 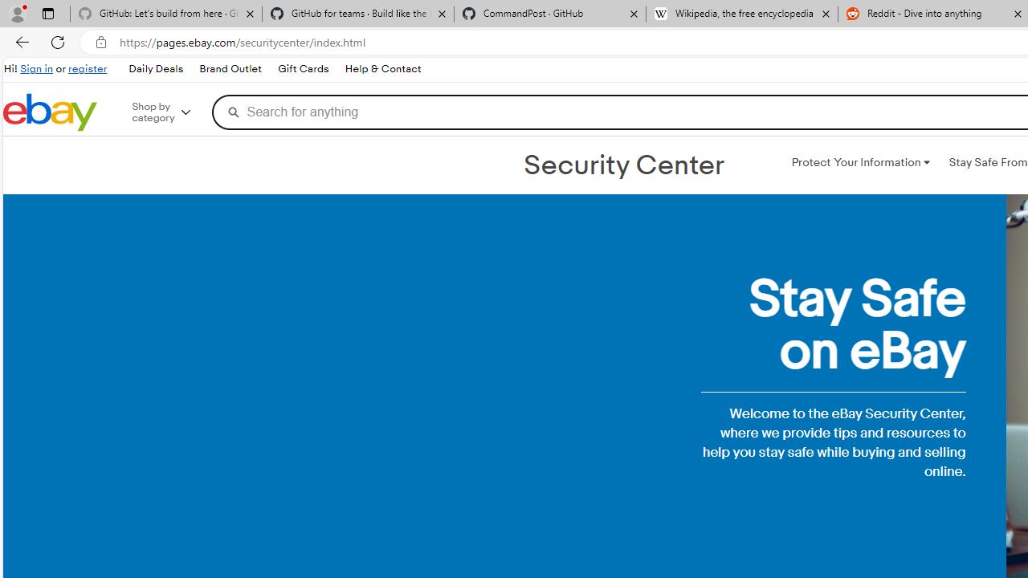 I want to click on 'Wikipedia, the free encyclopedia', so click(x=741, y=14).